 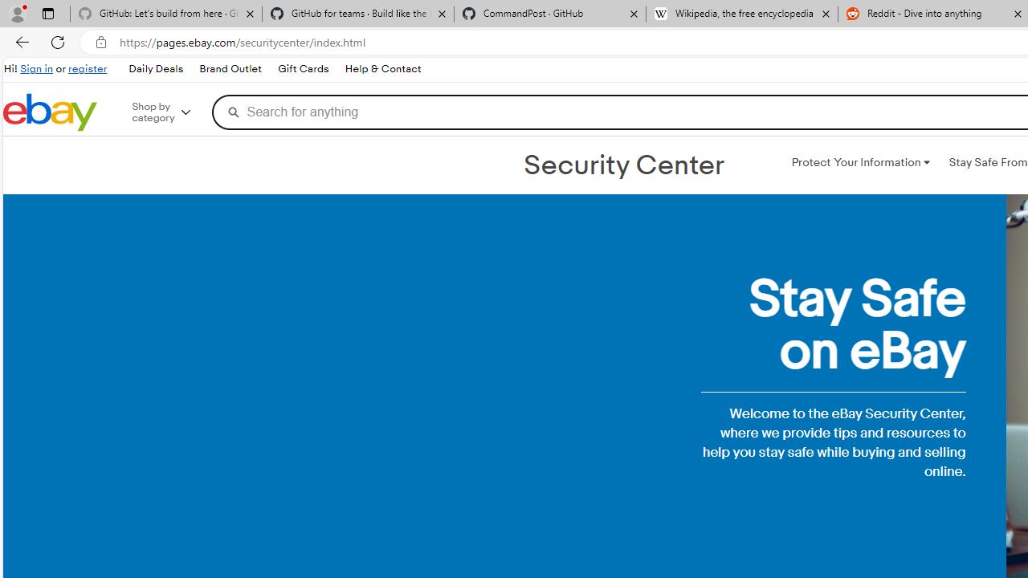 I want to click on 'Wikipedia, the free encyclopedia', so click(x=741, y=14).